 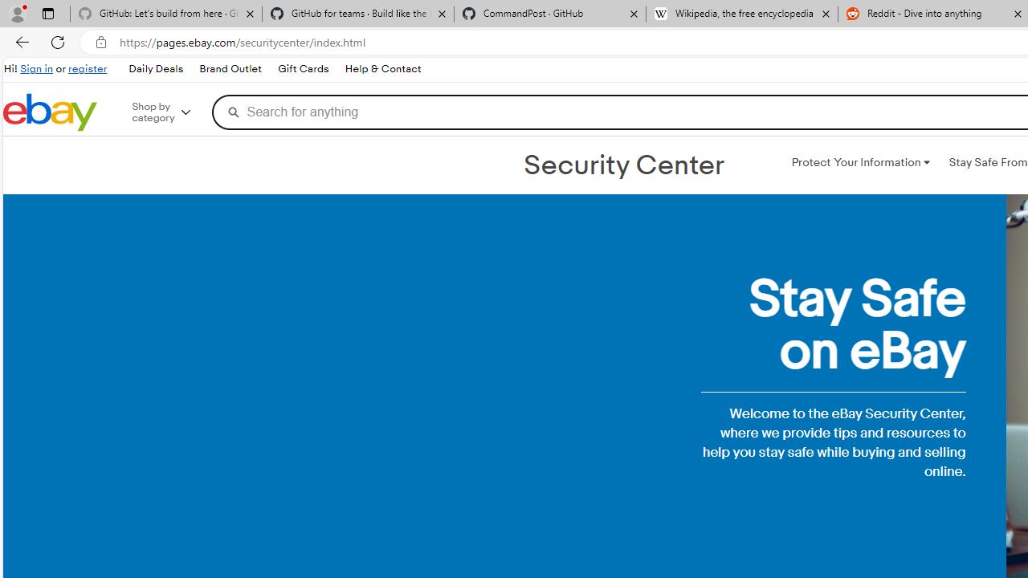 I want to click on 'Wikipedia, the free encyclopedia', so click(x=741, y=14).